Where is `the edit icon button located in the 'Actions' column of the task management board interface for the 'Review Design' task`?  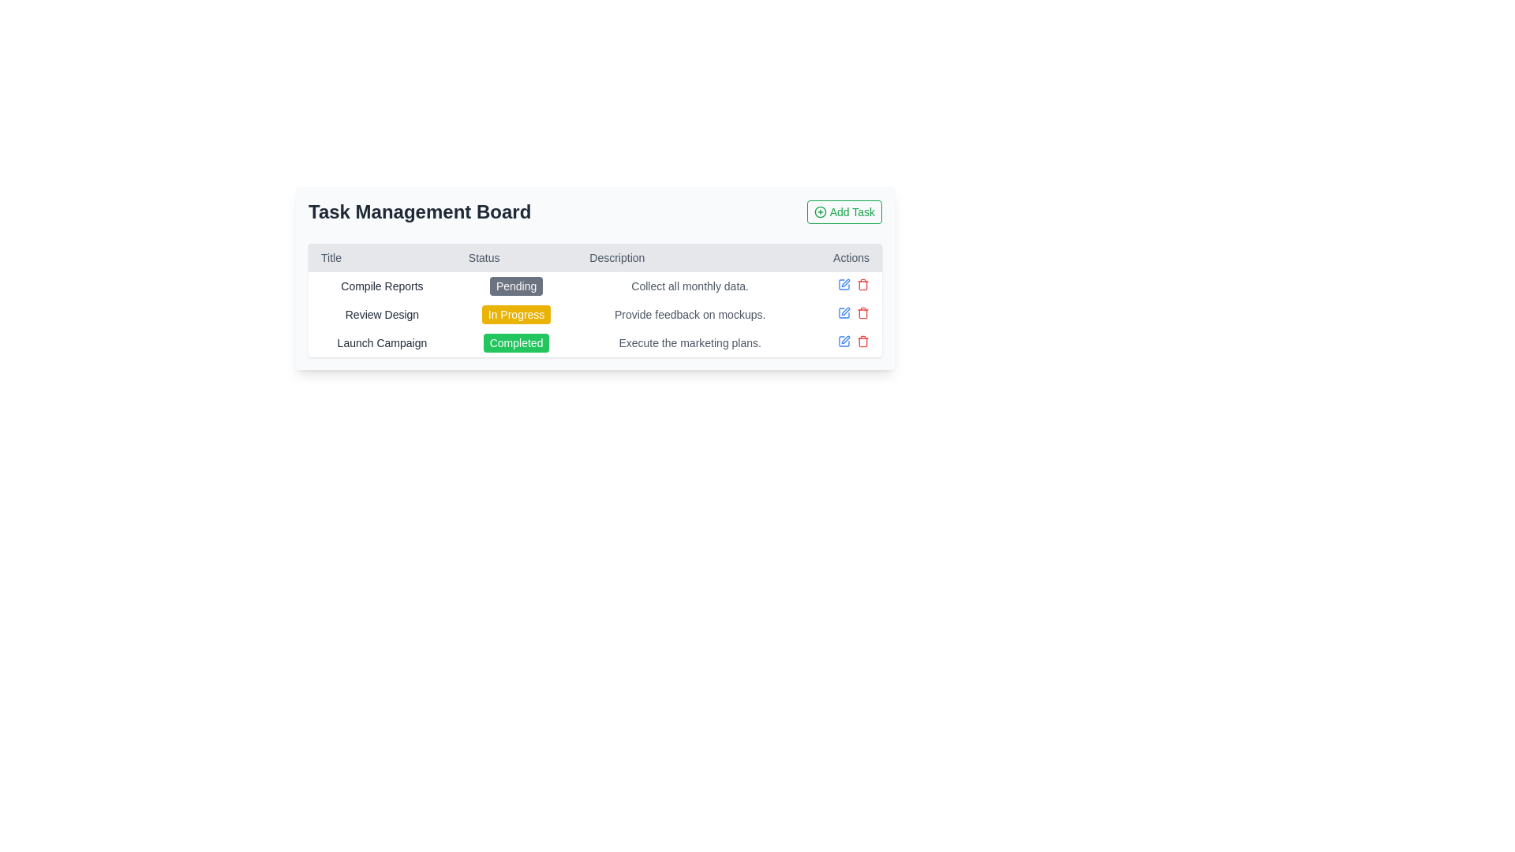
the edit icon button located in the 'Actions' column of the task management board interface for the 'Review Design' task is located at coordinates (844, 282).